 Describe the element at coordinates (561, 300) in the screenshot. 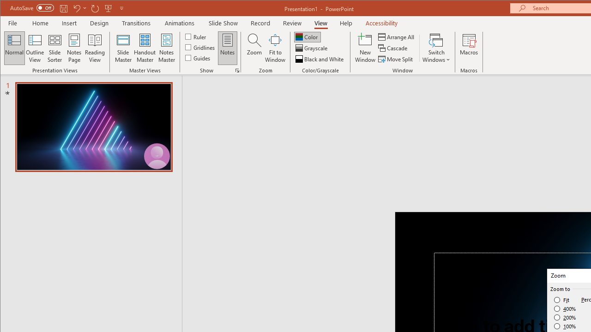

I see `'Fit'` at that location.